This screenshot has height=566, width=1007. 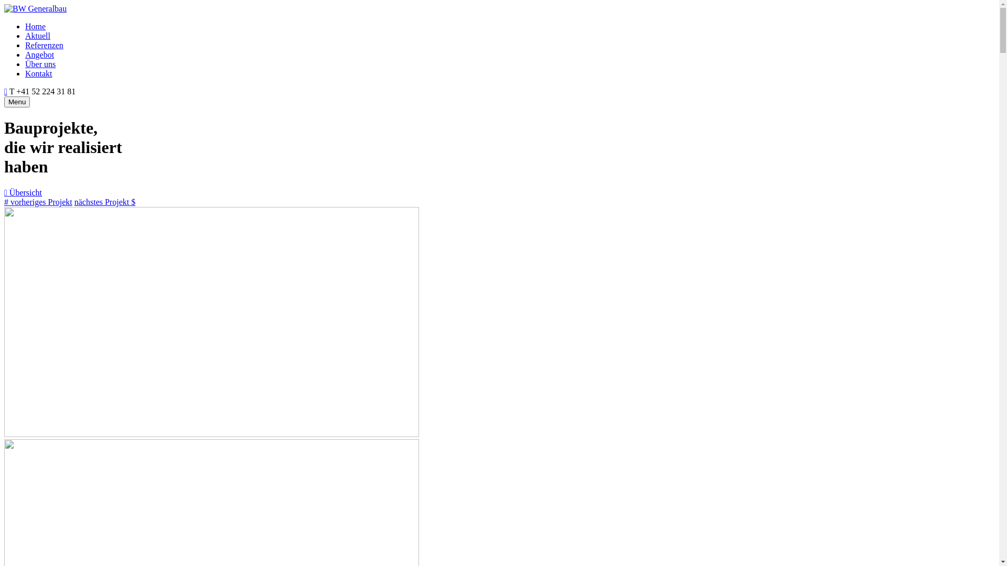 I want to click on 'Home', so click(x=25, y=26).